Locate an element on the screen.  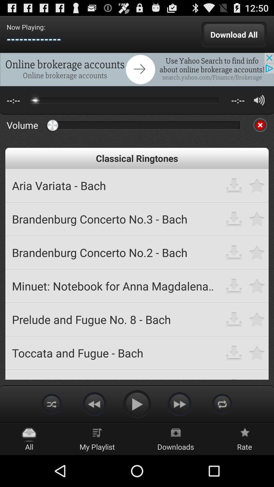
refresh is located at coordinates (222, 404).